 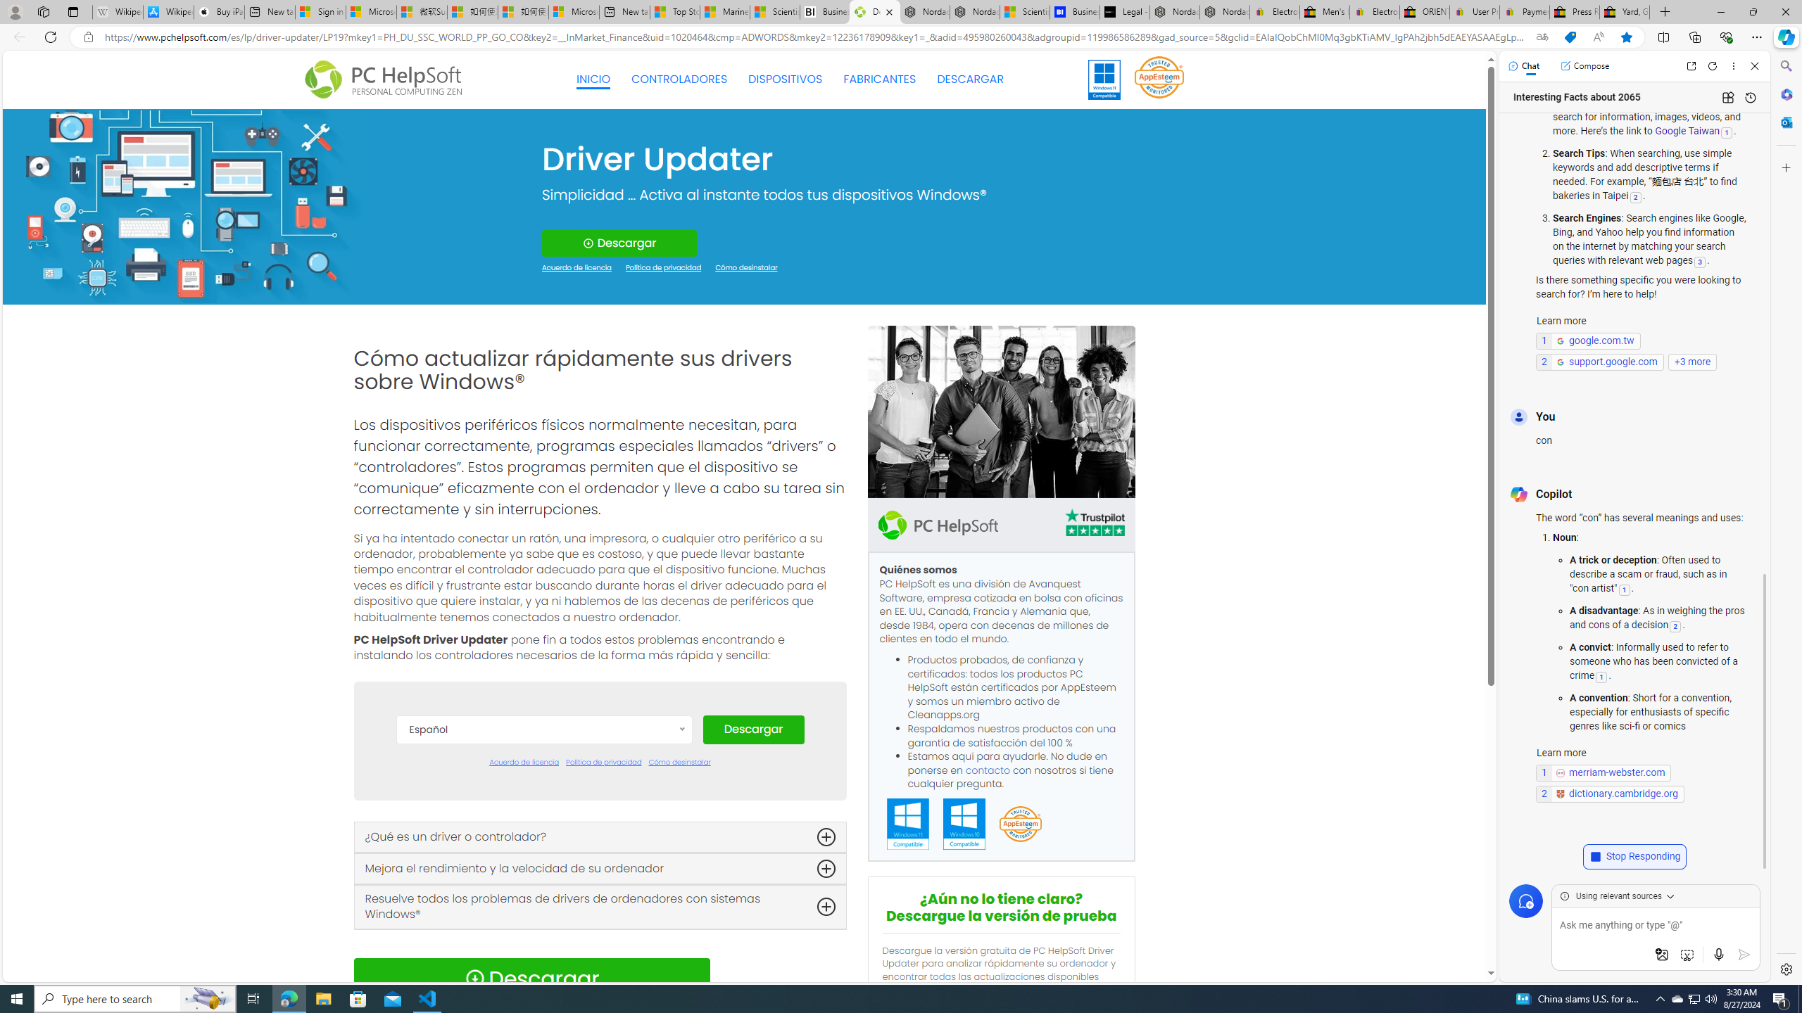 I want to click on 'INICIO', so click(x=593, y=79).